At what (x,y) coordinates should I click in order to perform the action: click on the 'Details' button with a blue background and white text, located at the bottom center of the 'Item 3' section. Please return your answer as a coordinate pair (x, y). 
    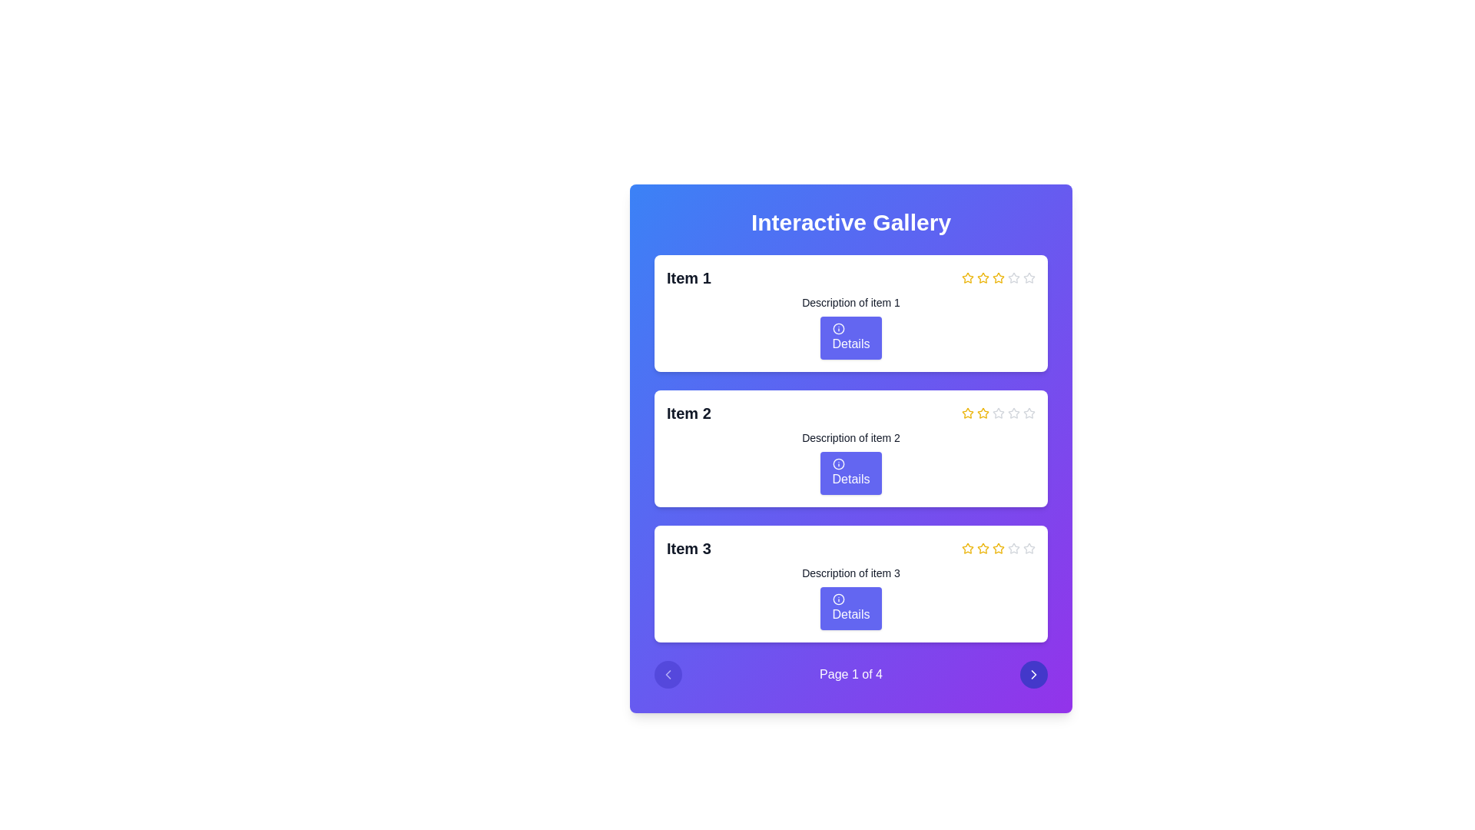
    Looking at the image, I should click on (850, 607).